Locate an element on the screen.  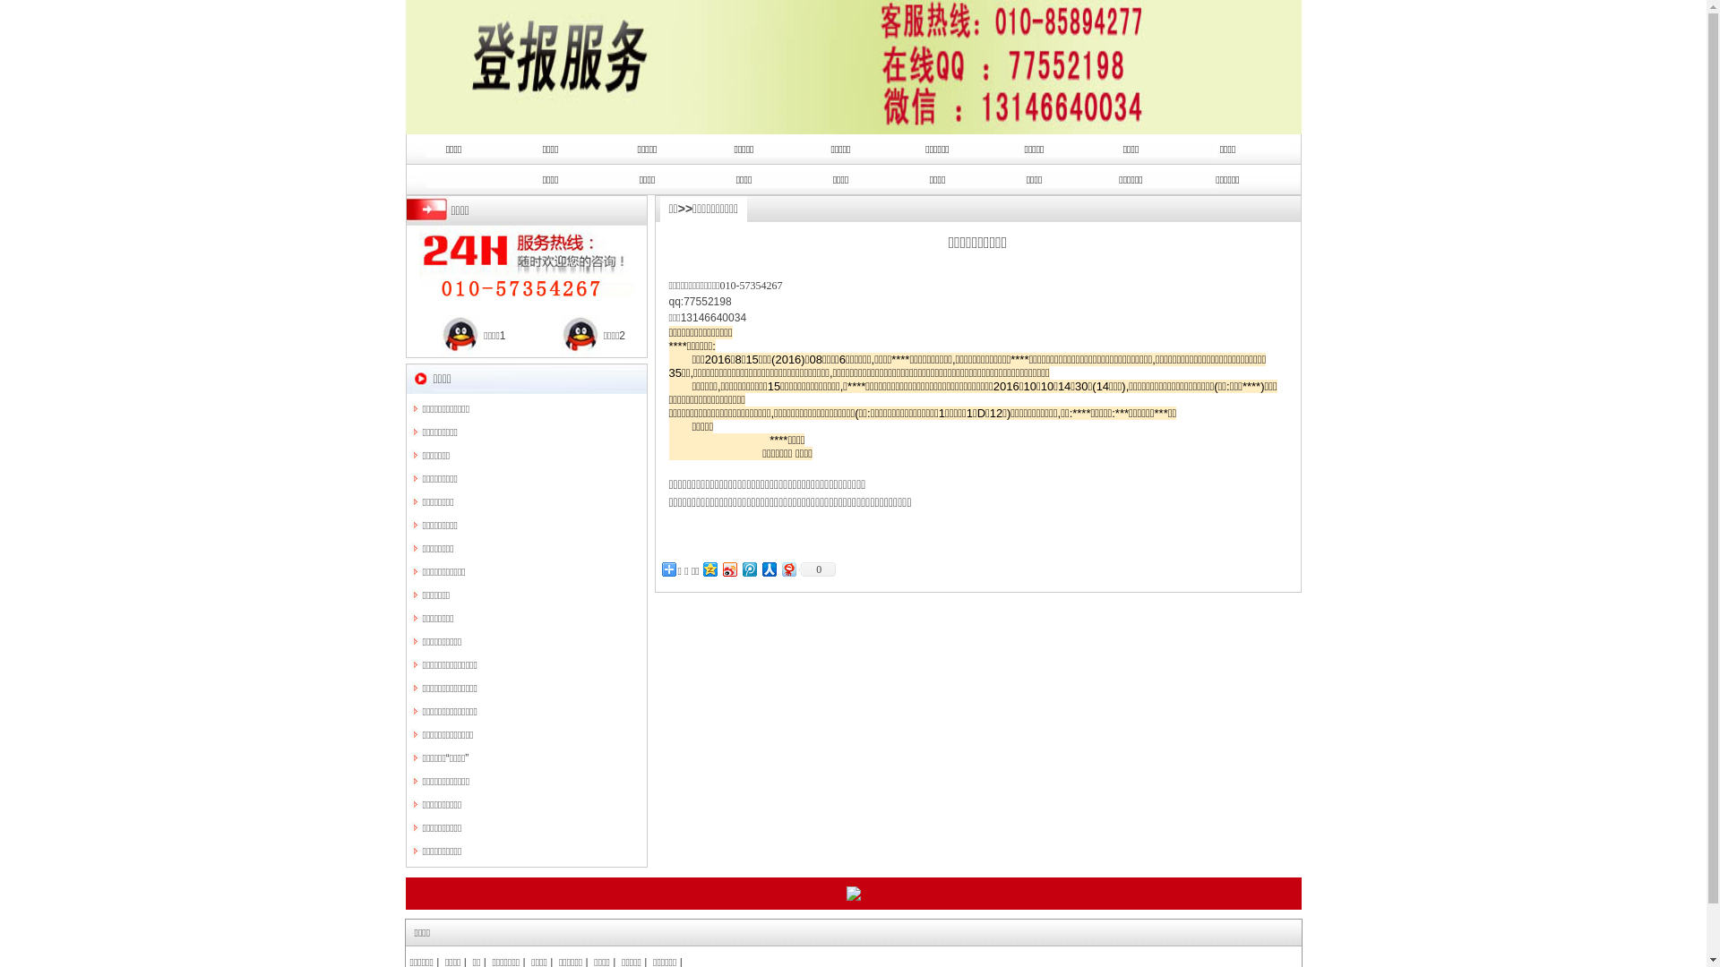
'0' is located at coordinates (797, 569).